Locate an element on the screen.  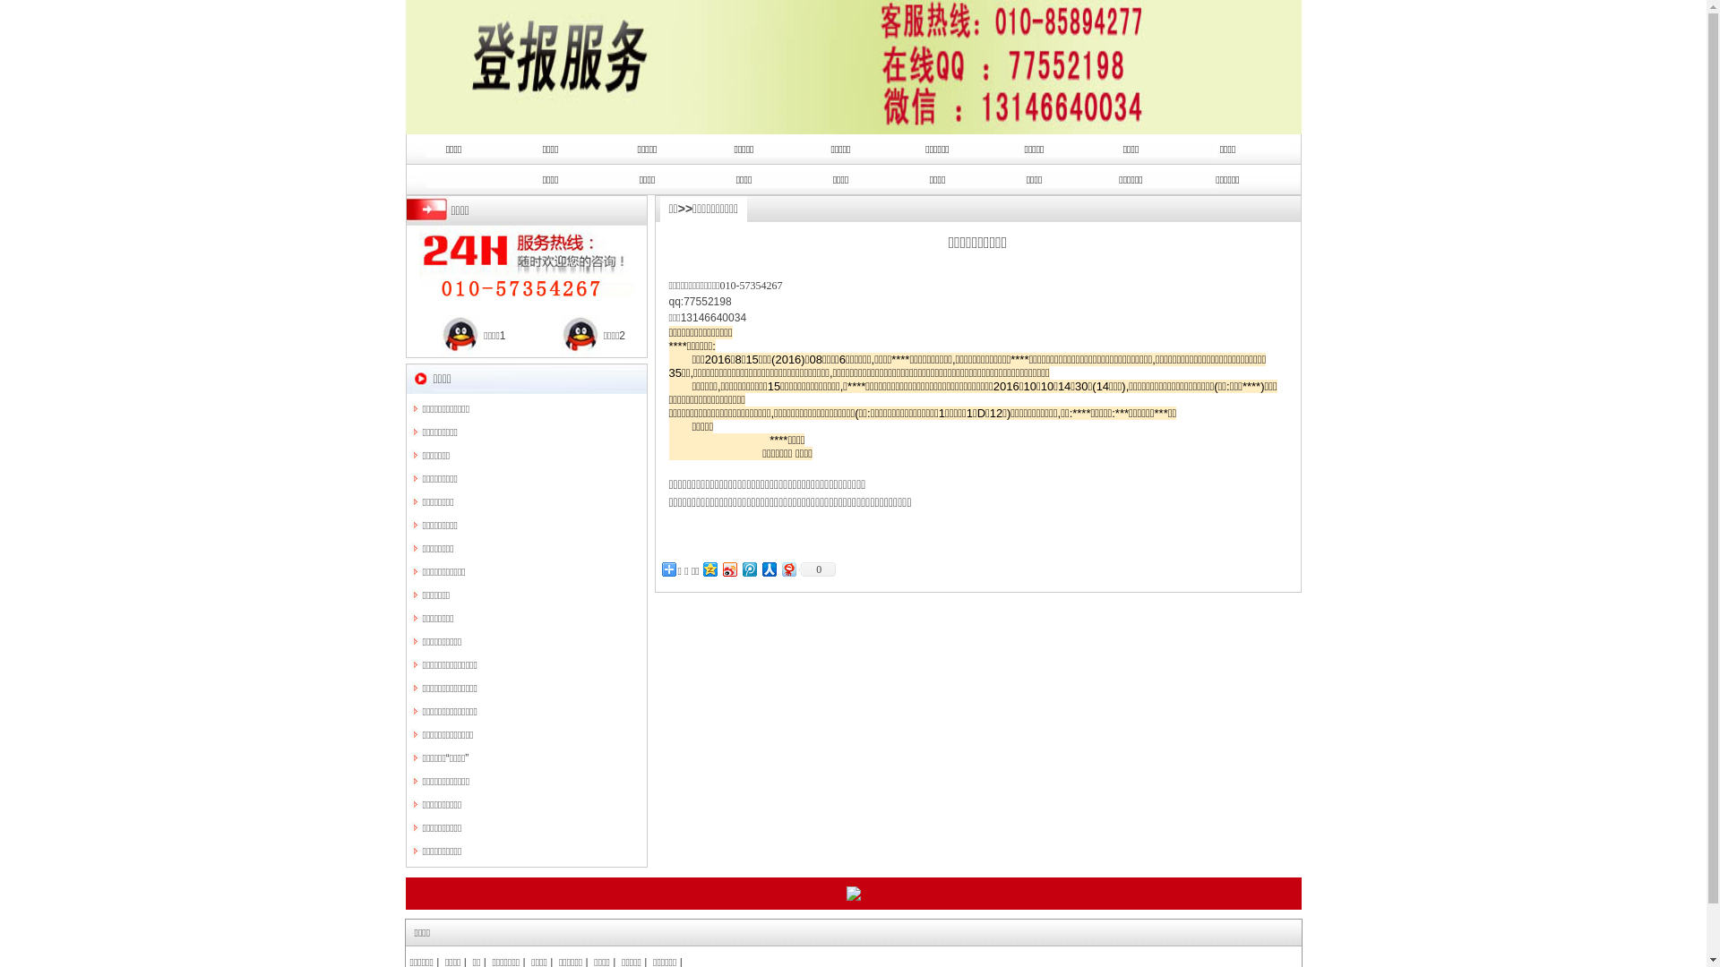
'0' is located at coordinates (797, 569).